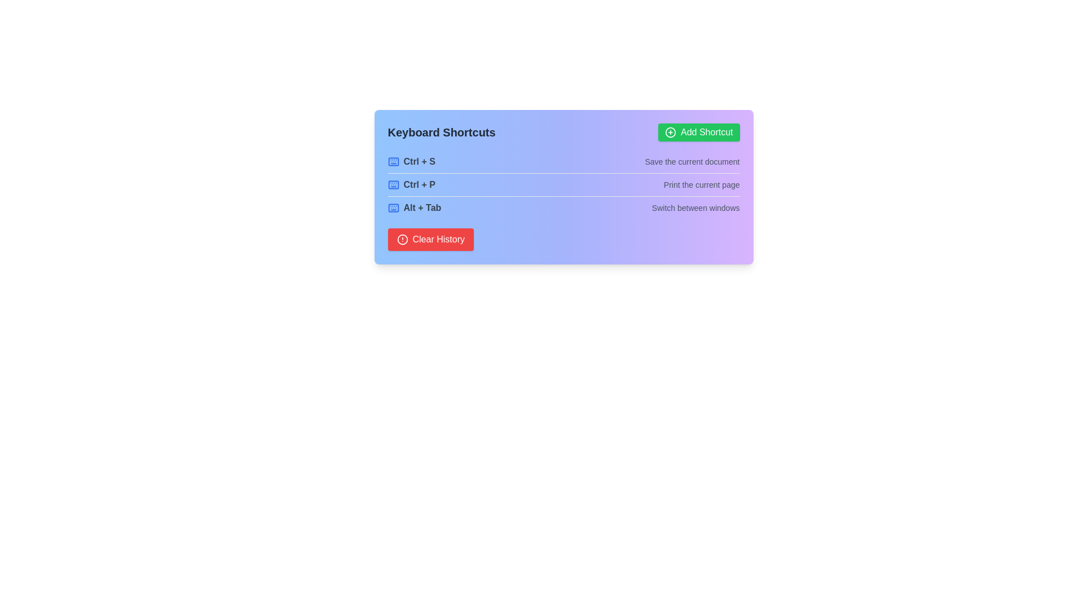  Describe the element at coordinates (695, 208) in the screenshot. I see `the text label reading 'Switch between windows.' which is styled in a smaller gray font on the purple background of the keyboard shortcuts pane` at that location.